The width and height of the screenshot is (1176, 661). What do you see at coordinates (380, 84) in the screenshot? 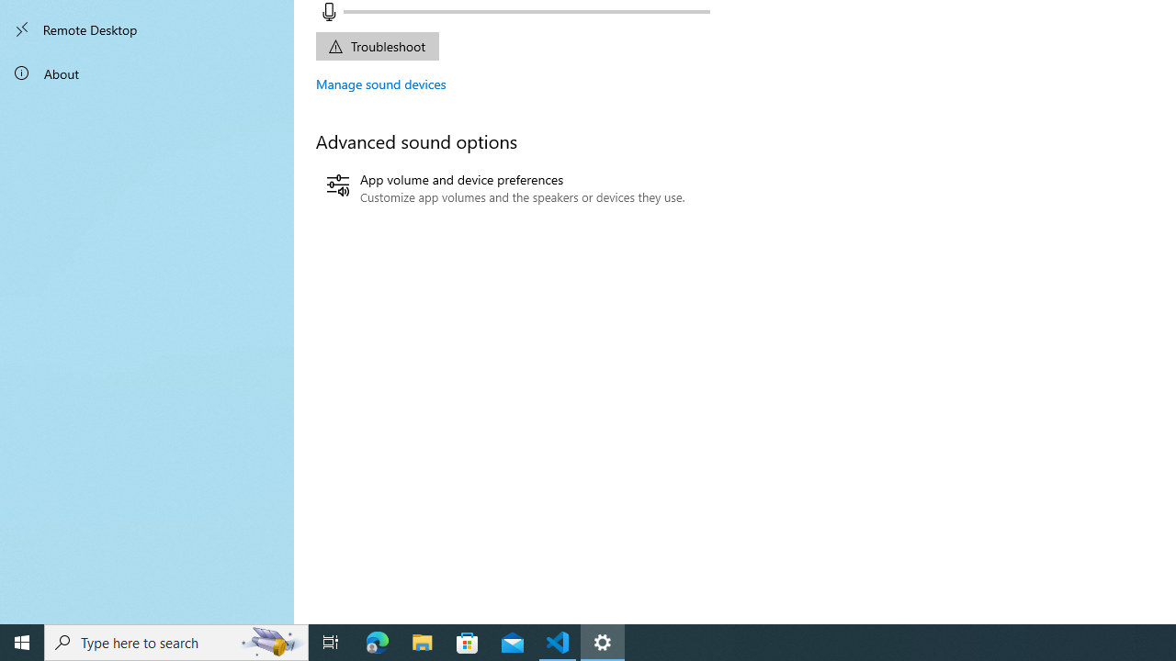
I see `'Manage sound devices'` at bounding box center [380, 84].